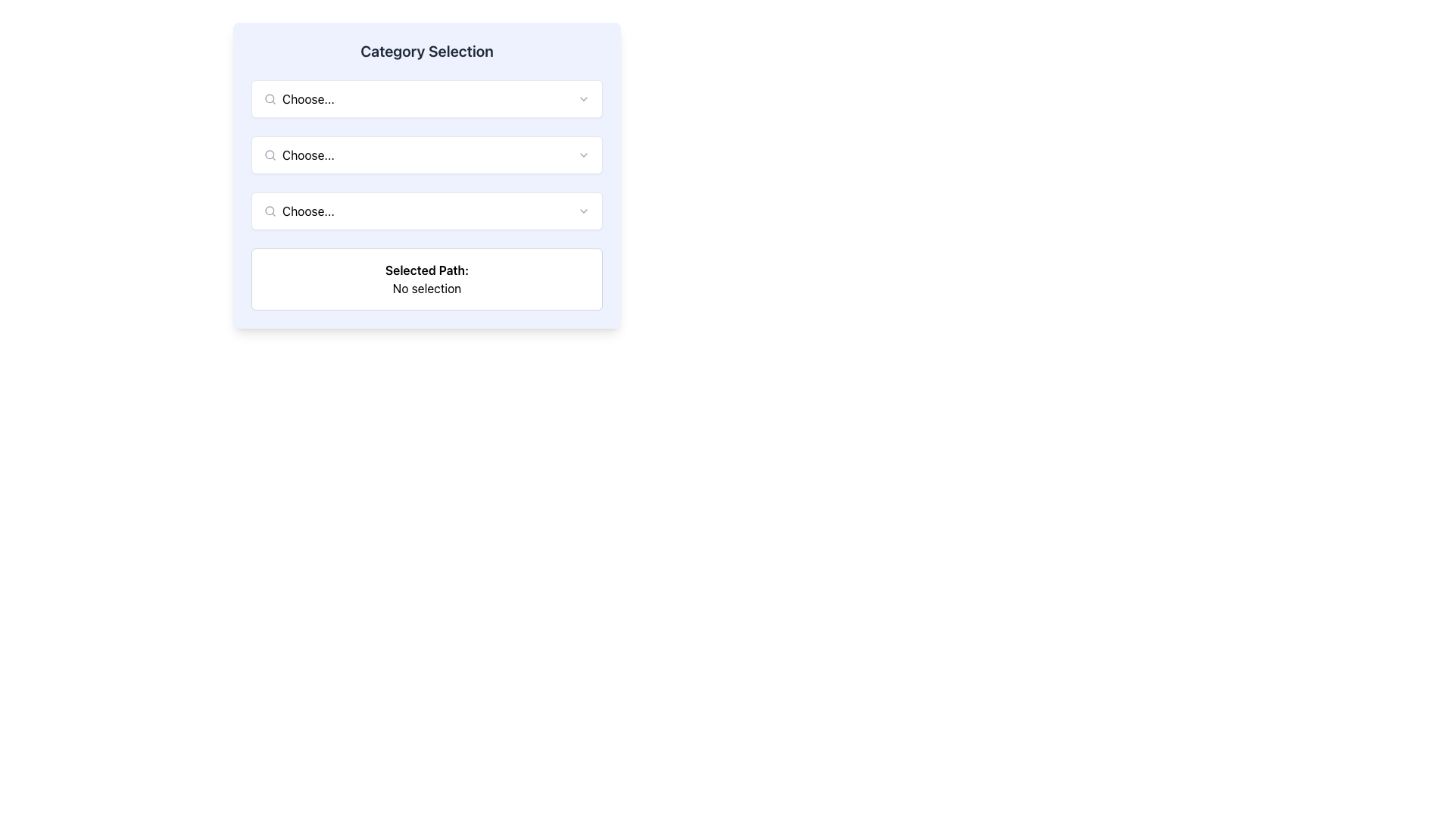  I want to click on the magnifying glass icon styled in gray with rounded edges, located on the left side of the second dropdown field labeled 'Choose...', so click(270, 155).